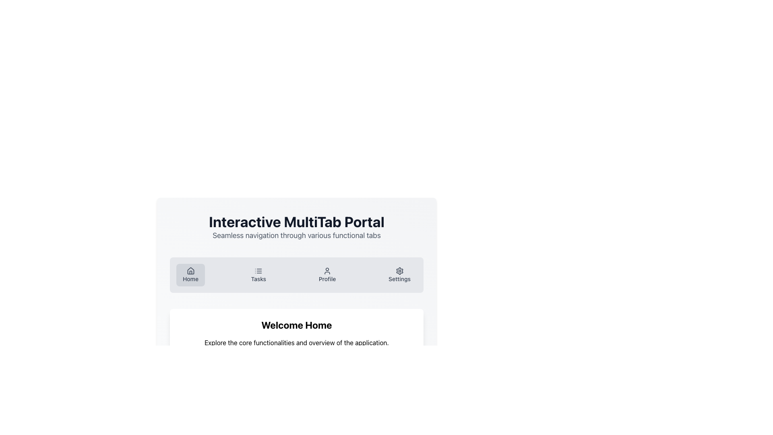 Image resolution: width=773 pixels, height=435 pixels. What do you see at coordinates (258, 271) in the screenshot?
I see `the small list icon composed of three horizontal lines with dots to their left, which is positioned above the word 'Tasks' in the navigation bar` at bounding box center [258, 271].